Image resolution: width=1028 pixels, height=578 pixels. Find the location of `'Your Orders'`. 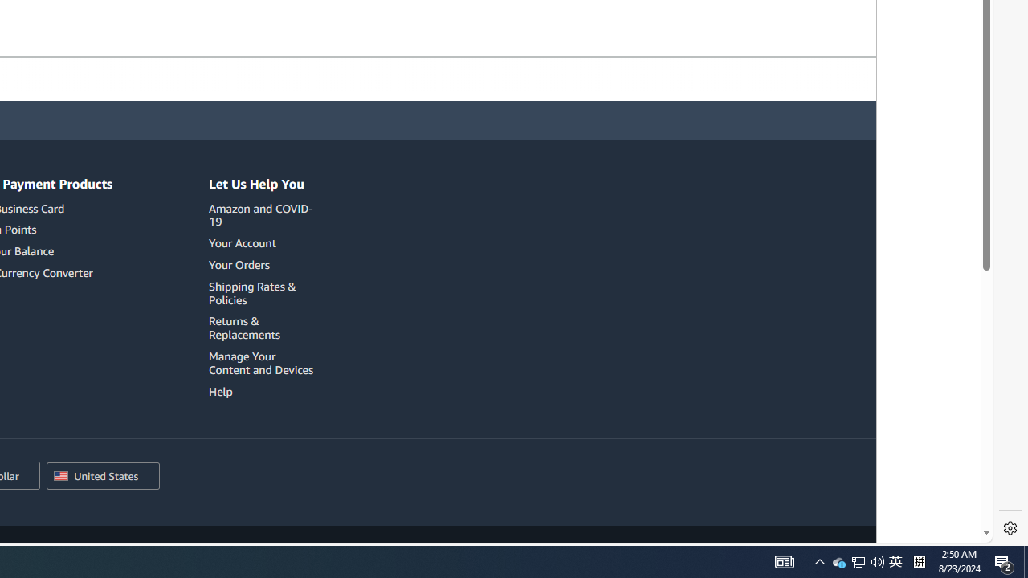

'Your Orders' is located at coordinates (238, 263).